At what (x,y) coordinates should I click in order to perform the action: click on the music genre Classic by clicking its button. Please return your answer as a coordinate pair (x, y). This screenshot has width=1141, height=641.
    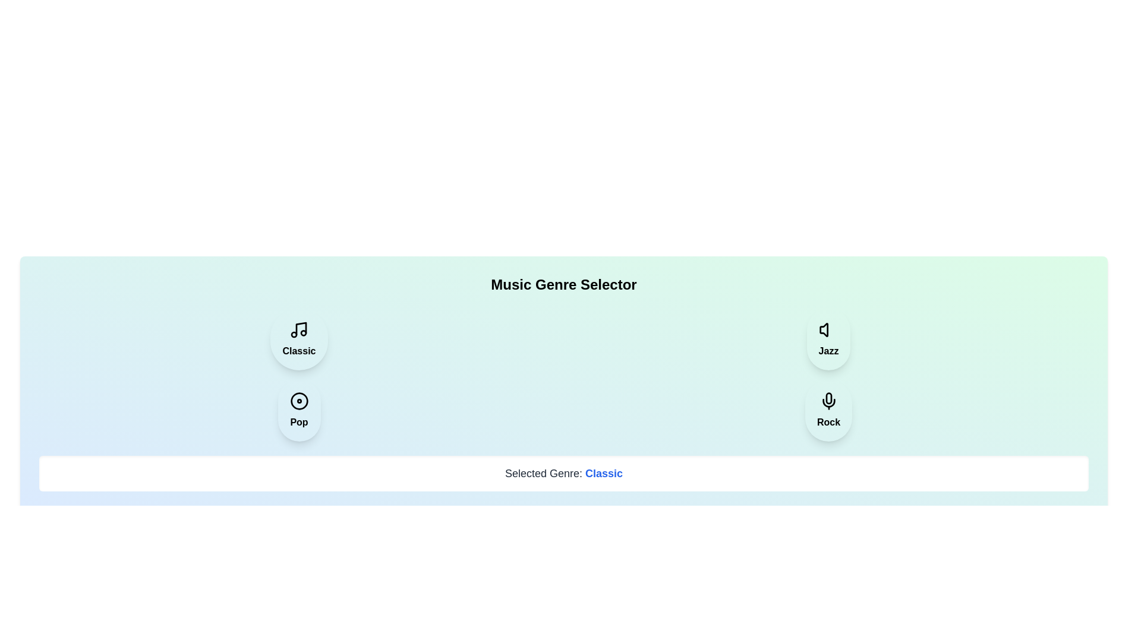
    Looking at the image, I should click on (299, 339).